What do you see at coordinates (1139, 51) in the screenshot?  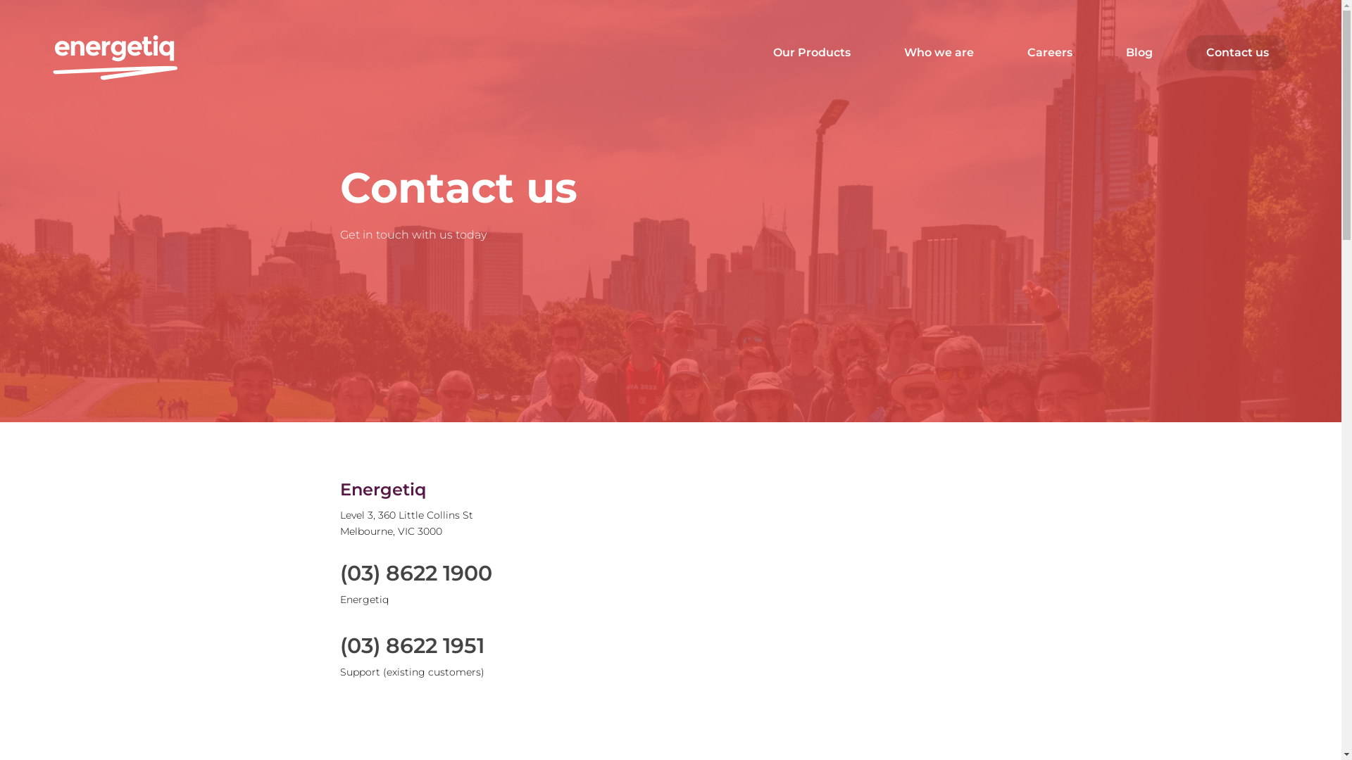 I see `'Blog'` at bounding box center [1139, 51].